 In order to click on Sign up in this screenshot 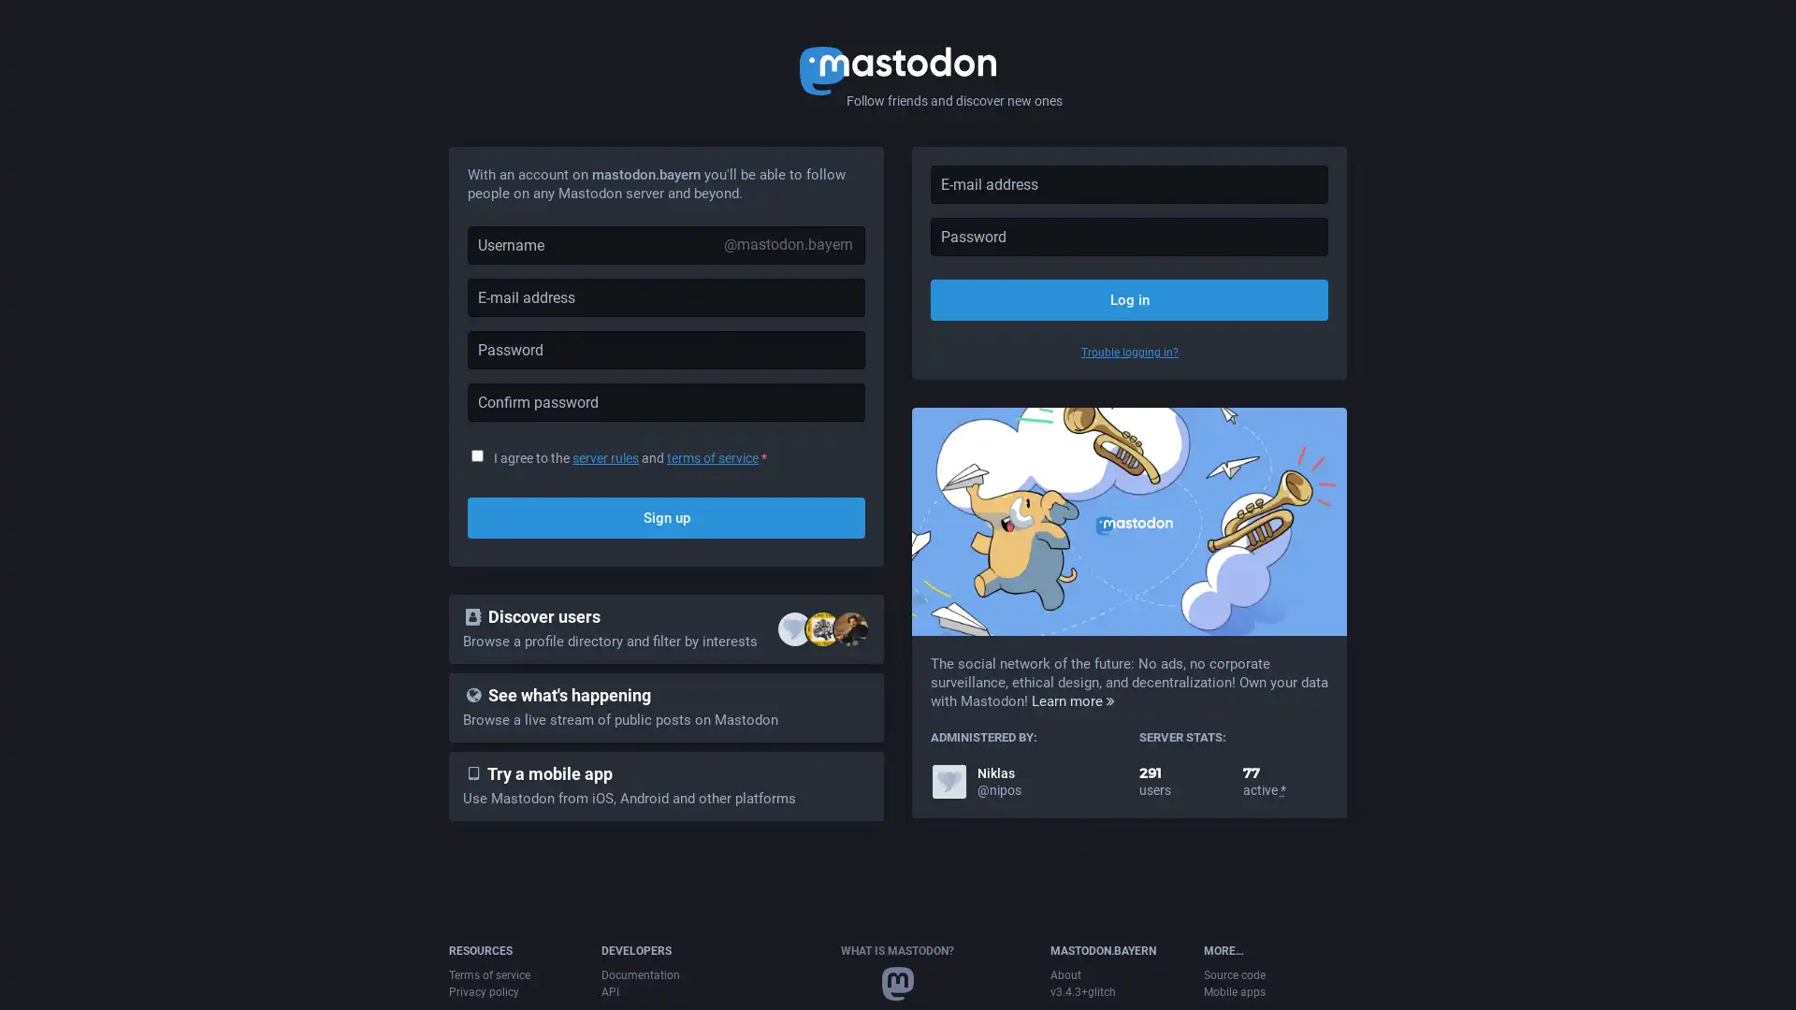, I will do `click(666, 518)`.